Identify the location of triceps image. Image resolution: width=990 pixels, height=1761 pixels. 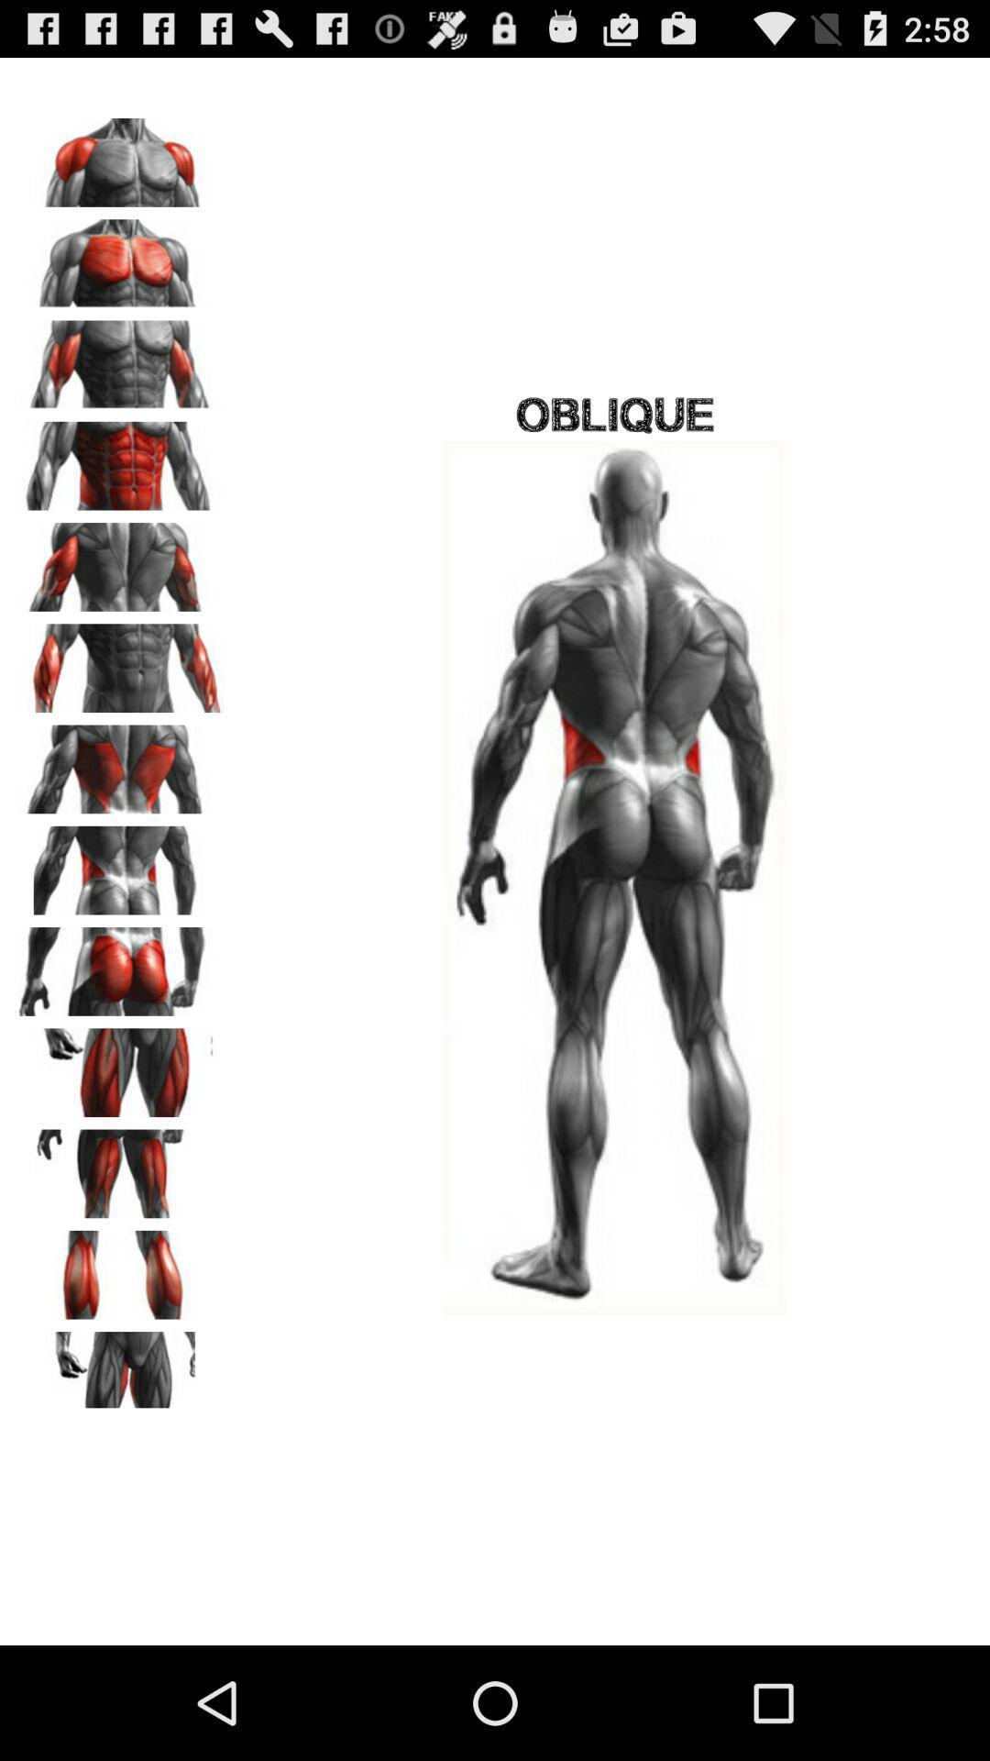
(120, 559).